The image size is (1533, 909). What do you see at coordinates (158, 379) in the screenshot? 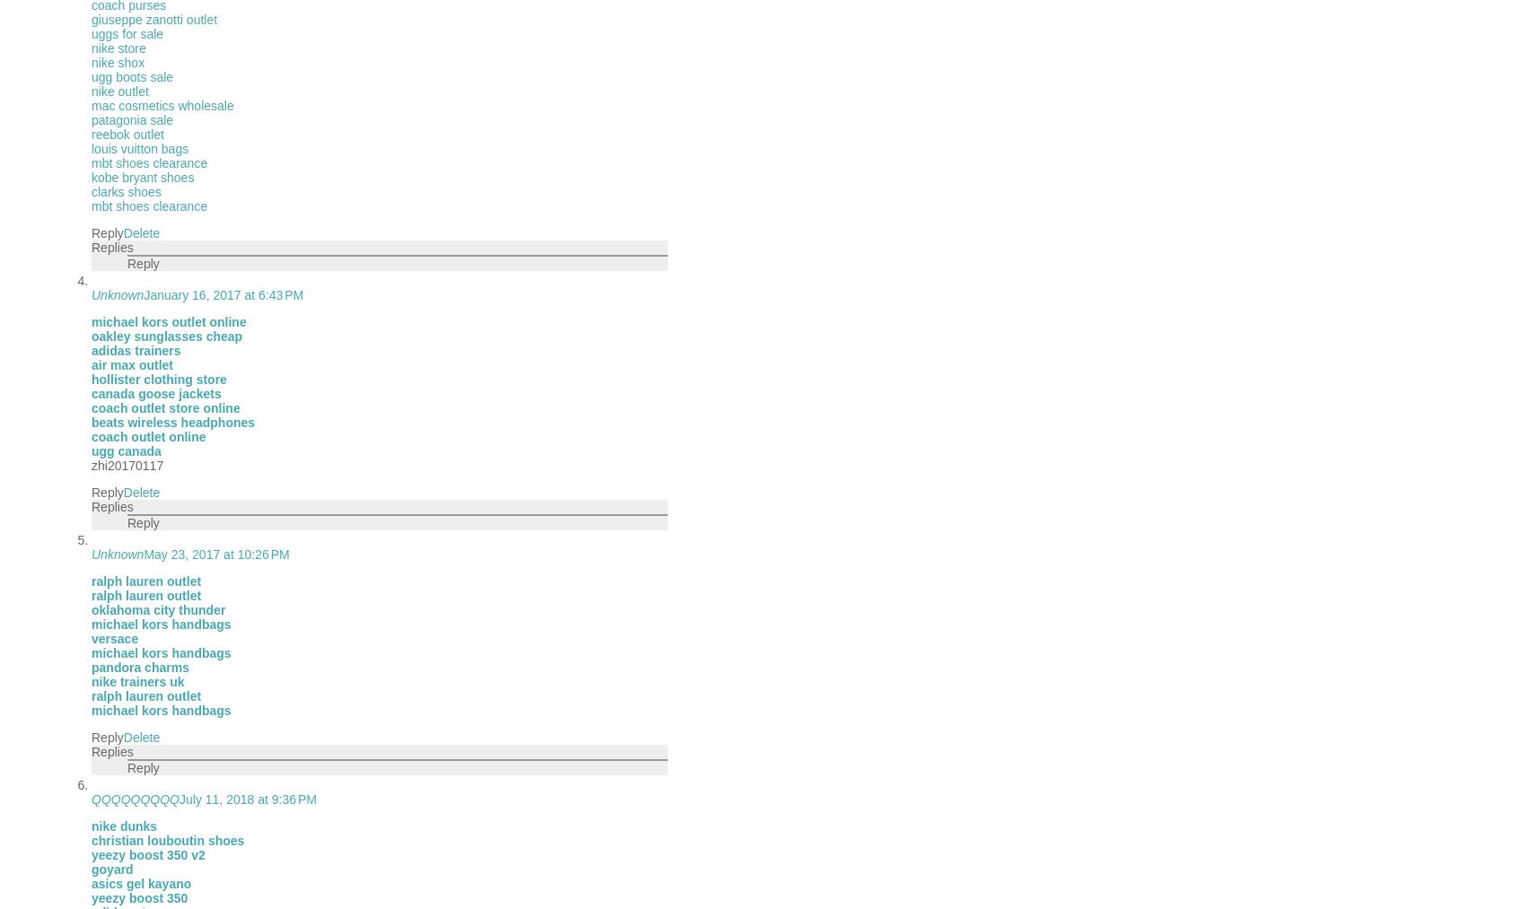
I see `'hollister clothing store'` at bounding box center [158, 379].